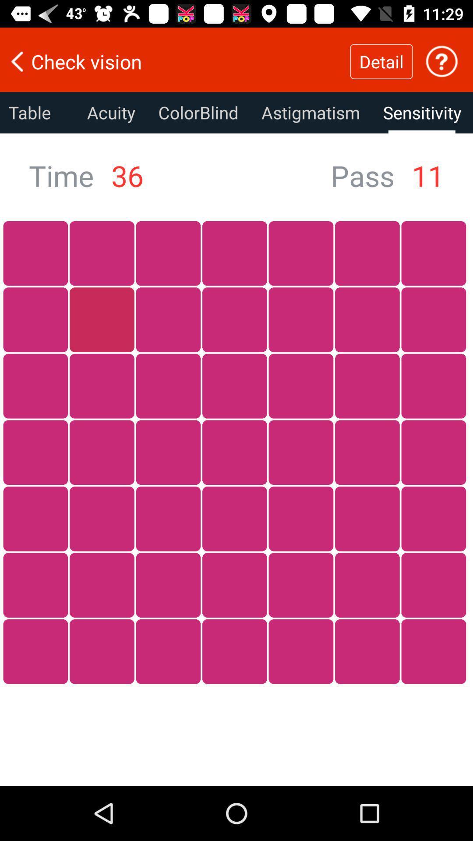 This screenshot has height=841, width=473. Describe the element at coordinates (175, 61) in the screenshot. I see `the item above table` at that location.